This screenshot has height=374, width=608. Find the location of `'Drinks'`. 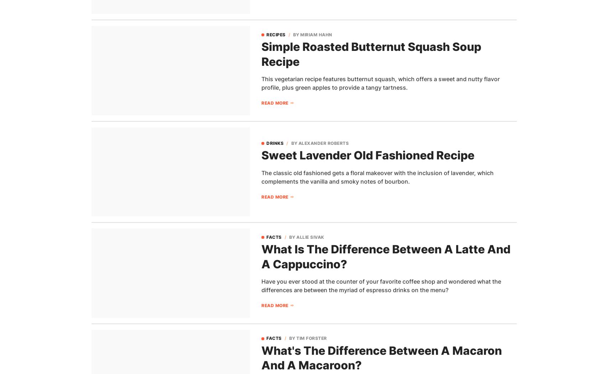

'Drinks' is located at coordinates (275, 142).